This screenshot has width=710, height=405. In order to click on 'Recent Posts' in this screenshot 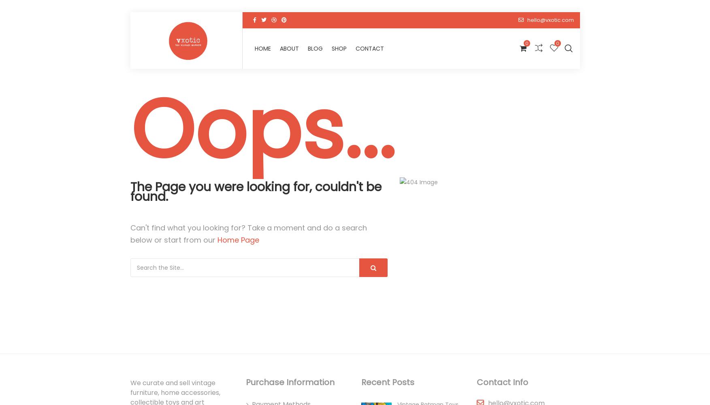, I will do `click(387, 382)`.